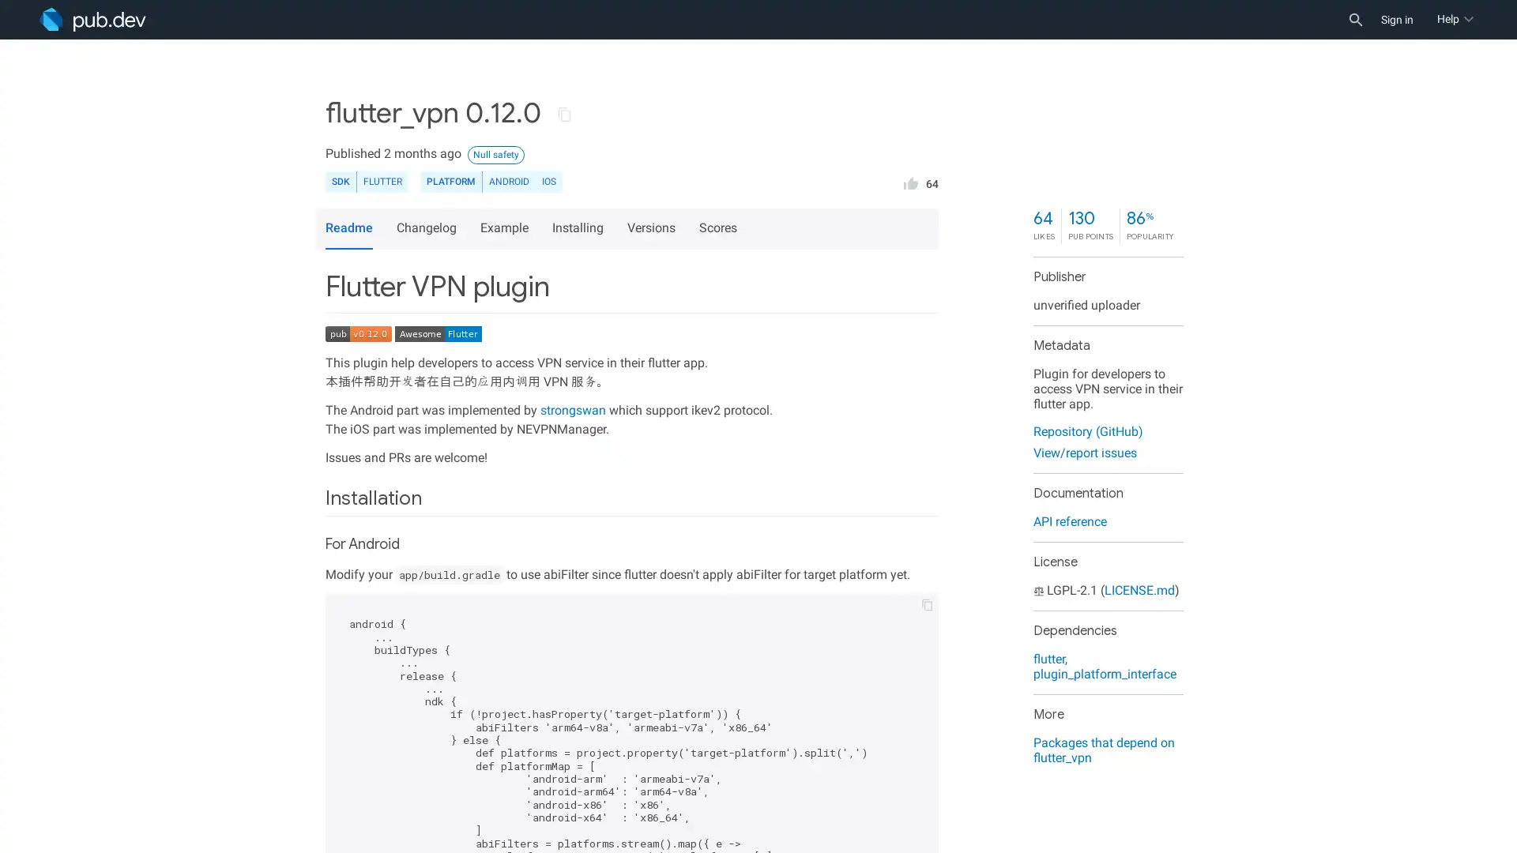  Describe the element at coordinates (428, 228) in the screenshot. I see `Changelog` at that location.